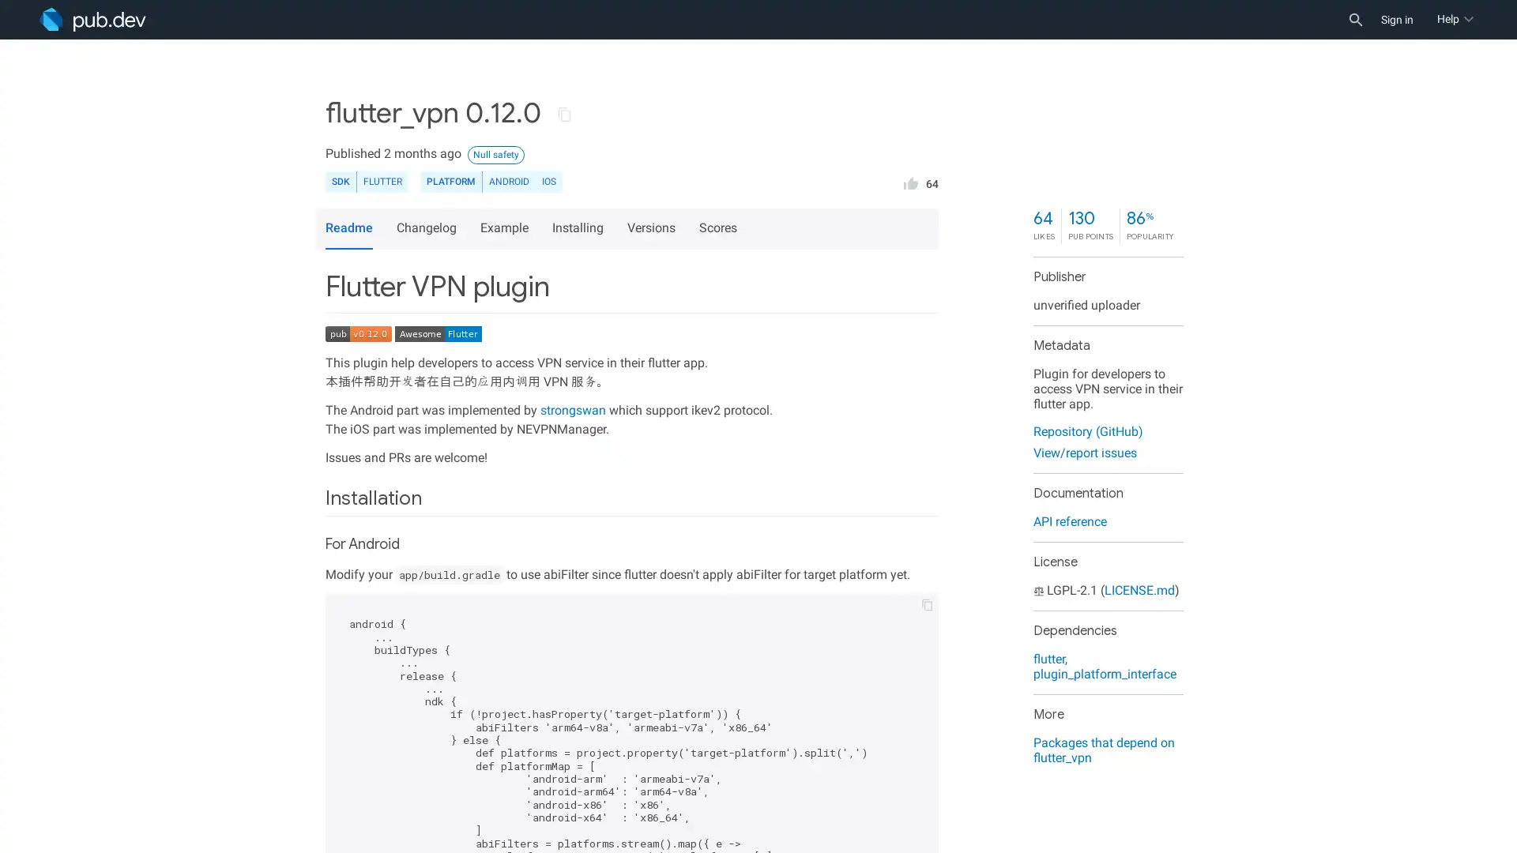  Describe the element at coordinates (428, 228) in the screenshot. I see `Changelog` at that location.